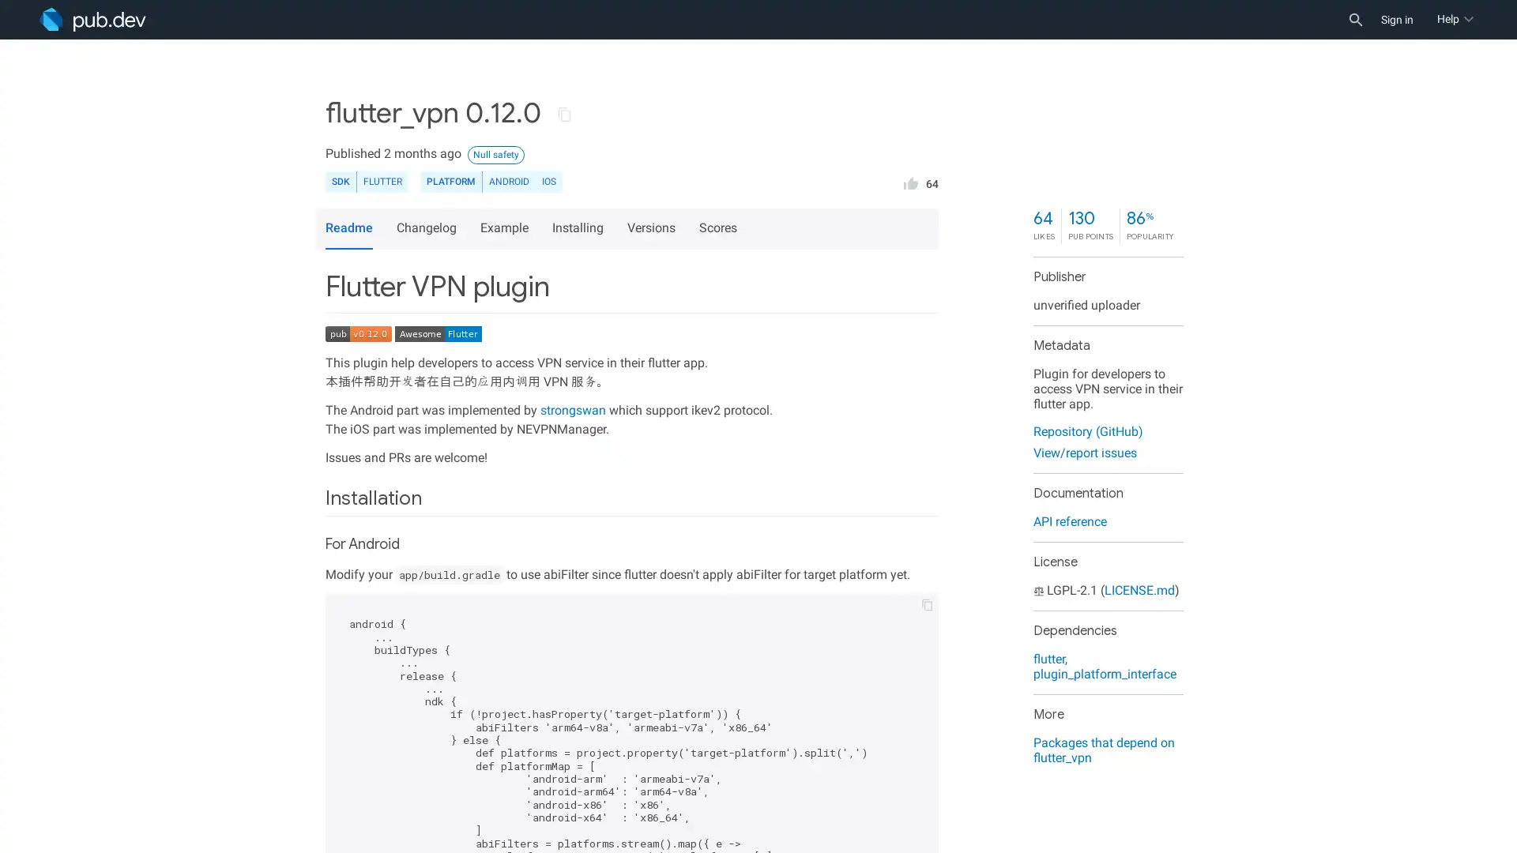  Describe the element at coordinates (428, 228) in the screenshot. I see `Changelog` at that location.